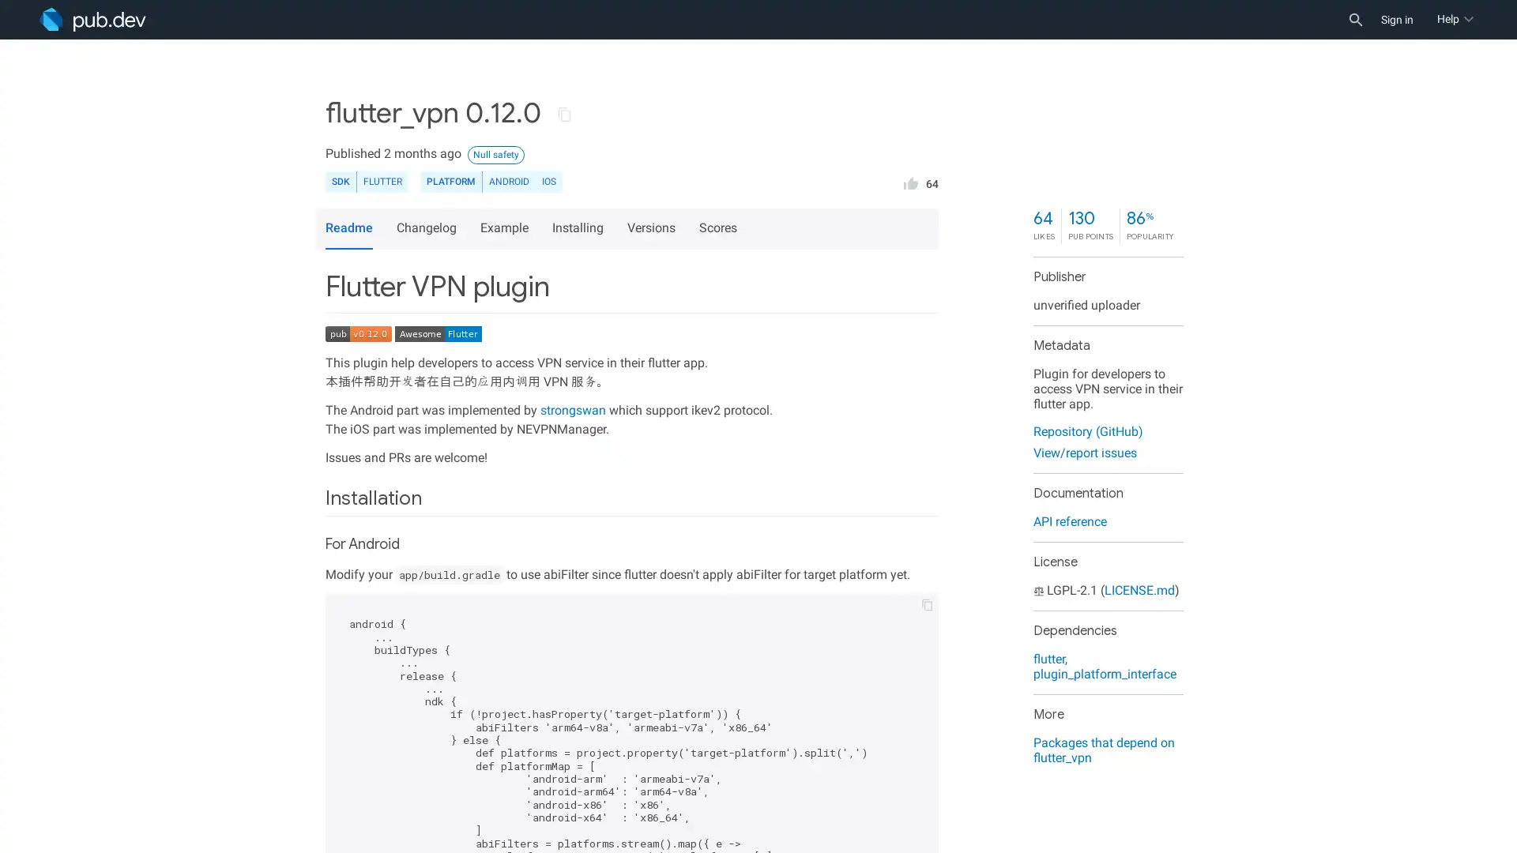  Describe the element at coordinates (428, 228) in the screenshot. I see `Changelog` at that location.